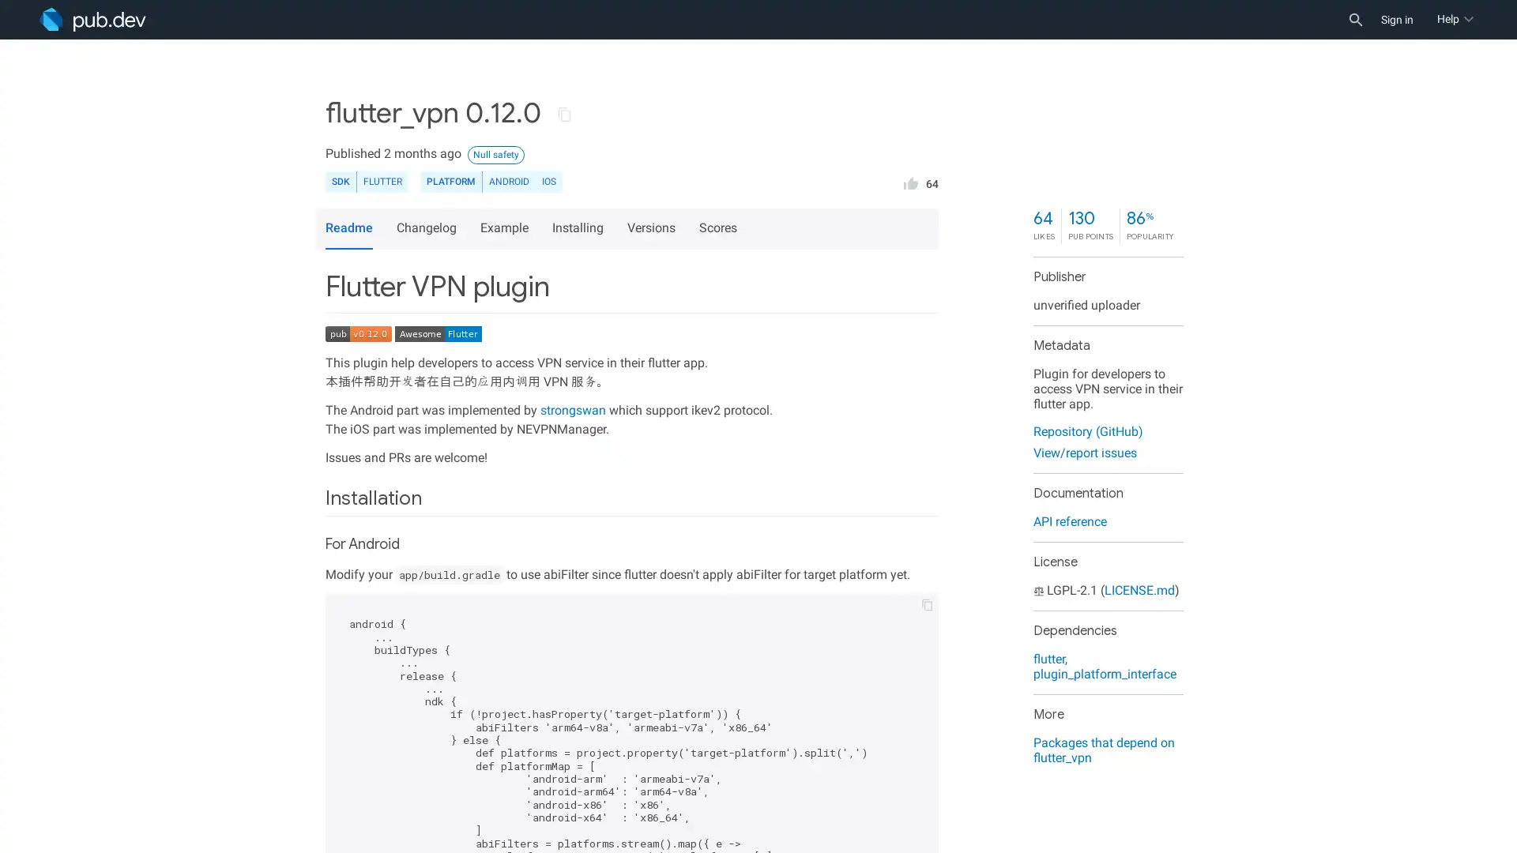  Describe the element at coordinates (428, 228) in the screenshot. I see `Changelog` at that location.